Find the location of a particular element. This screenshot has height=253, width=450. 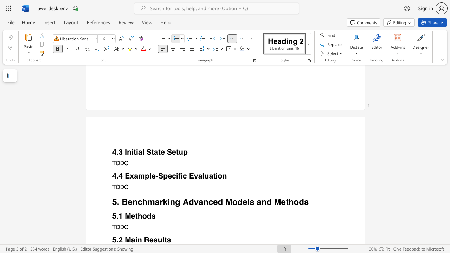

the 1th character "i" in the text is located at coordinates (136, 240).